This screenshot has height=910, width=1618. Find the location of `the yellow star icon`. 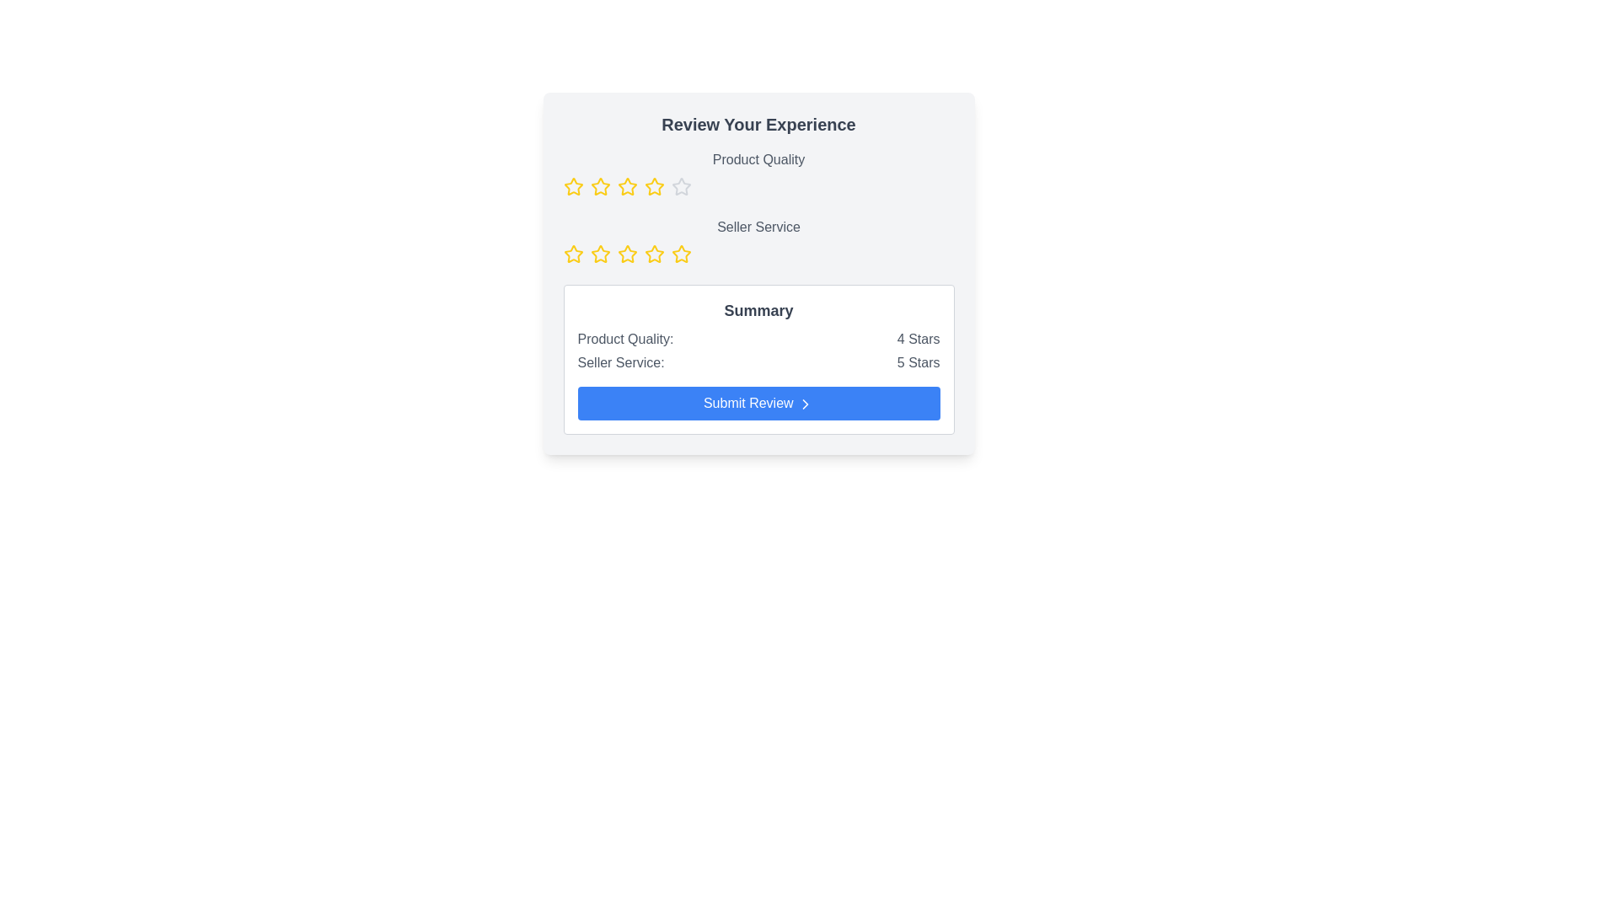

the yellow star icon is located at coordinates (573, 186).